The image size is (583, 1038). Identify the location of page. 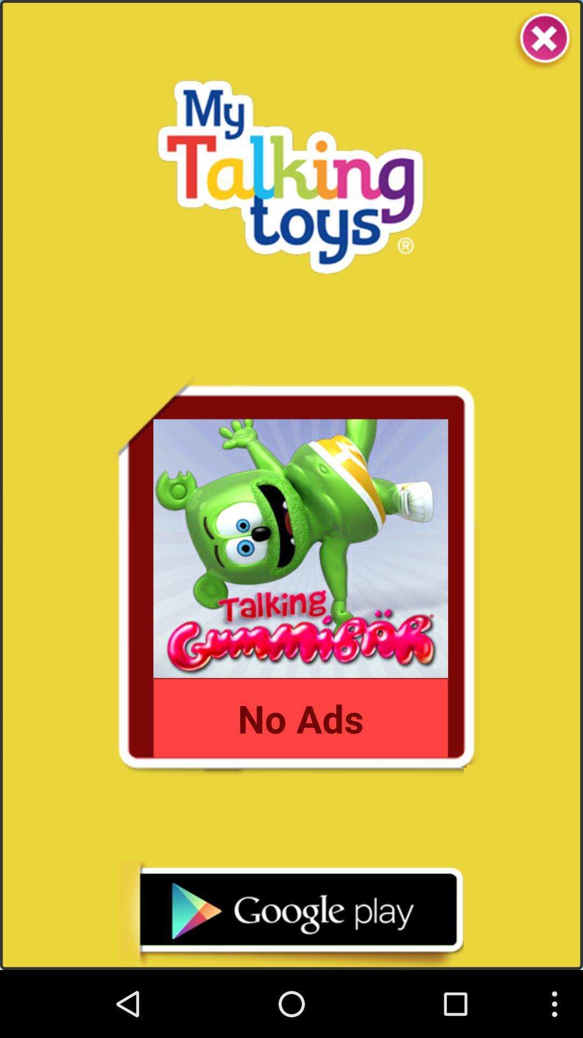
(543, 39).